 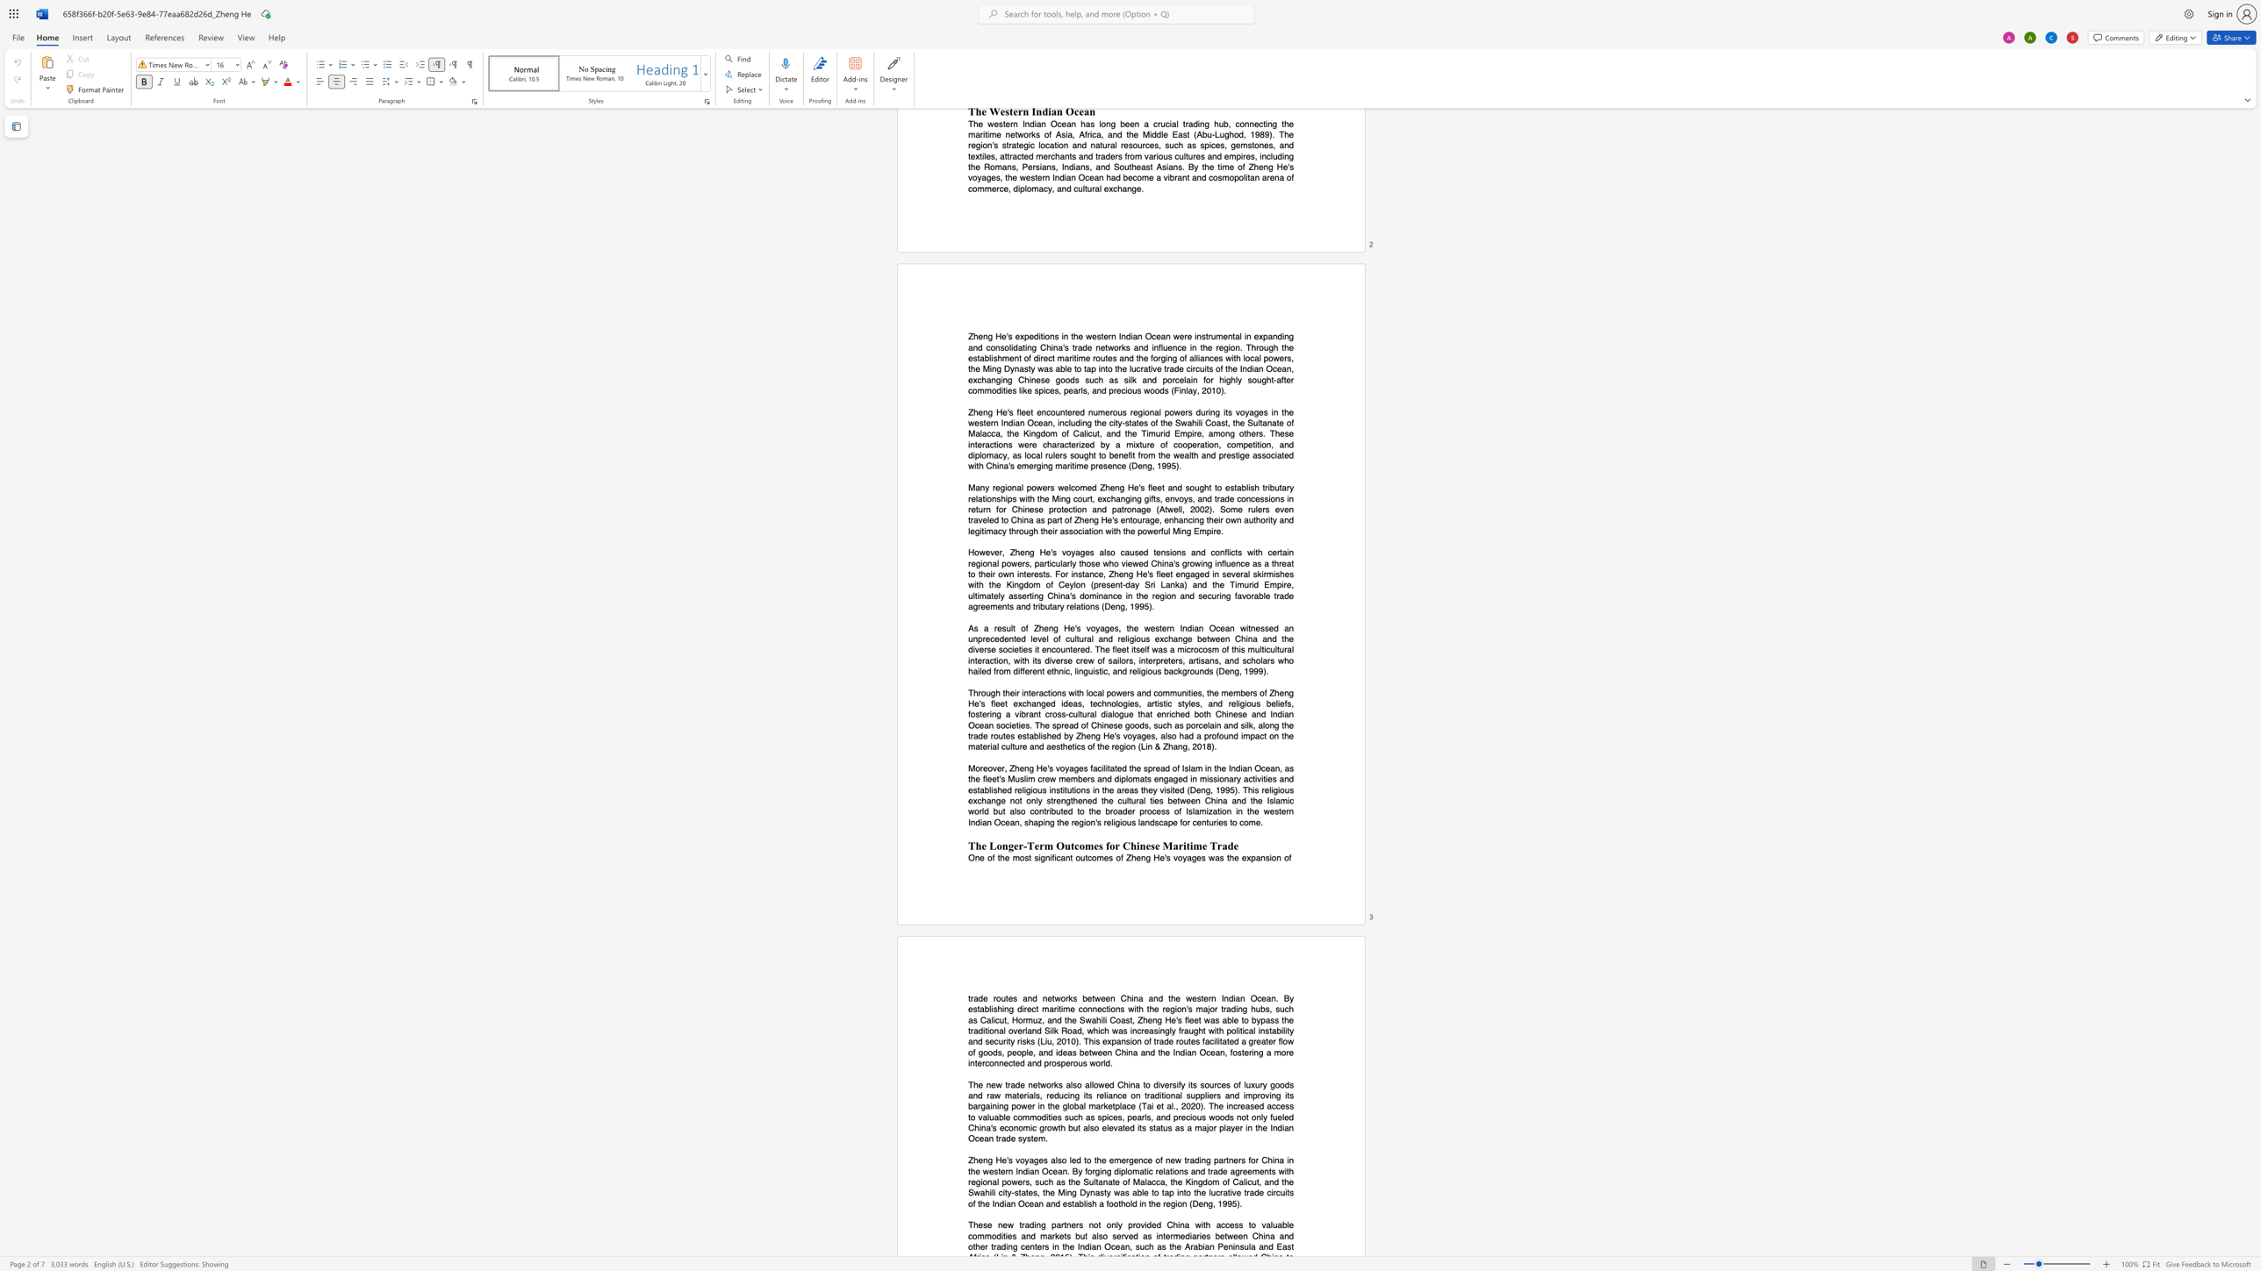 What do you see at coordinates (1130, 1203) in the screenshot?
I see `the subset text "ld in t" within the text "a foothold in the region (Deng, 1995)."` at bounding box center [1130, 1203].